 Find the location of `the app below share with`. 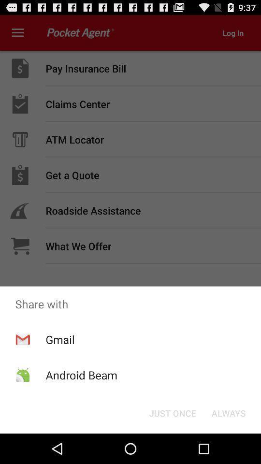

the app below share with is located at coordinates (228, 412).